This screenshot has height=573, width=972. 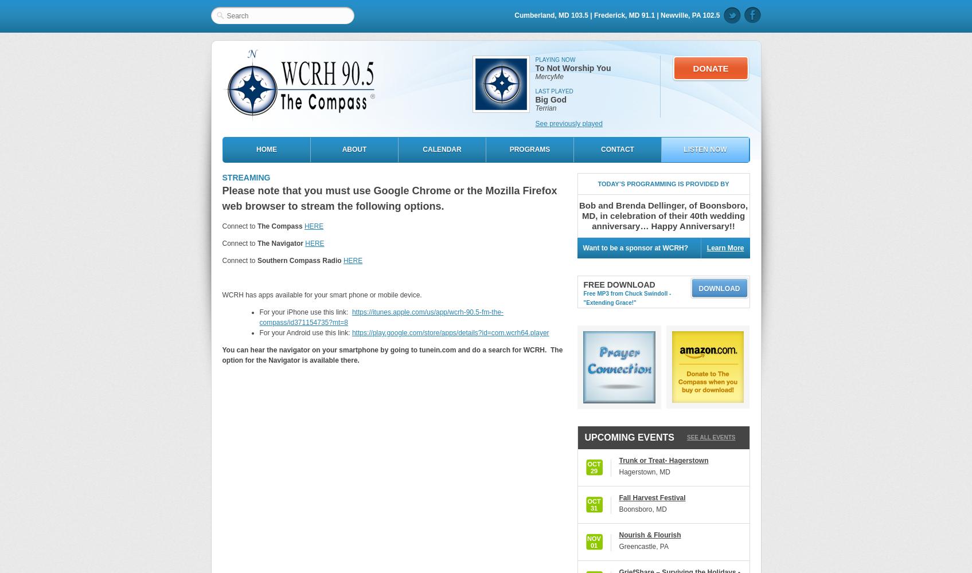 I want to click on 'Fall Harvest Festival', so click(x=651, y=497).